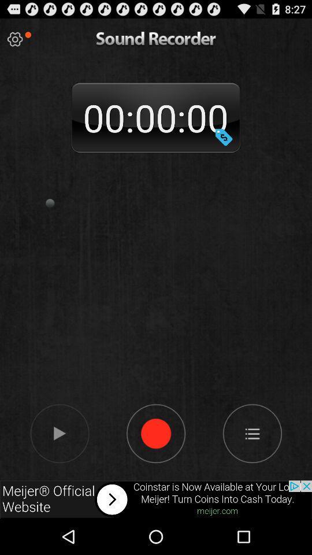 This screenshot has width=312, height=555. Describe the element at coordinates (14, 39) in the screenshot. I see `settings` at that location.